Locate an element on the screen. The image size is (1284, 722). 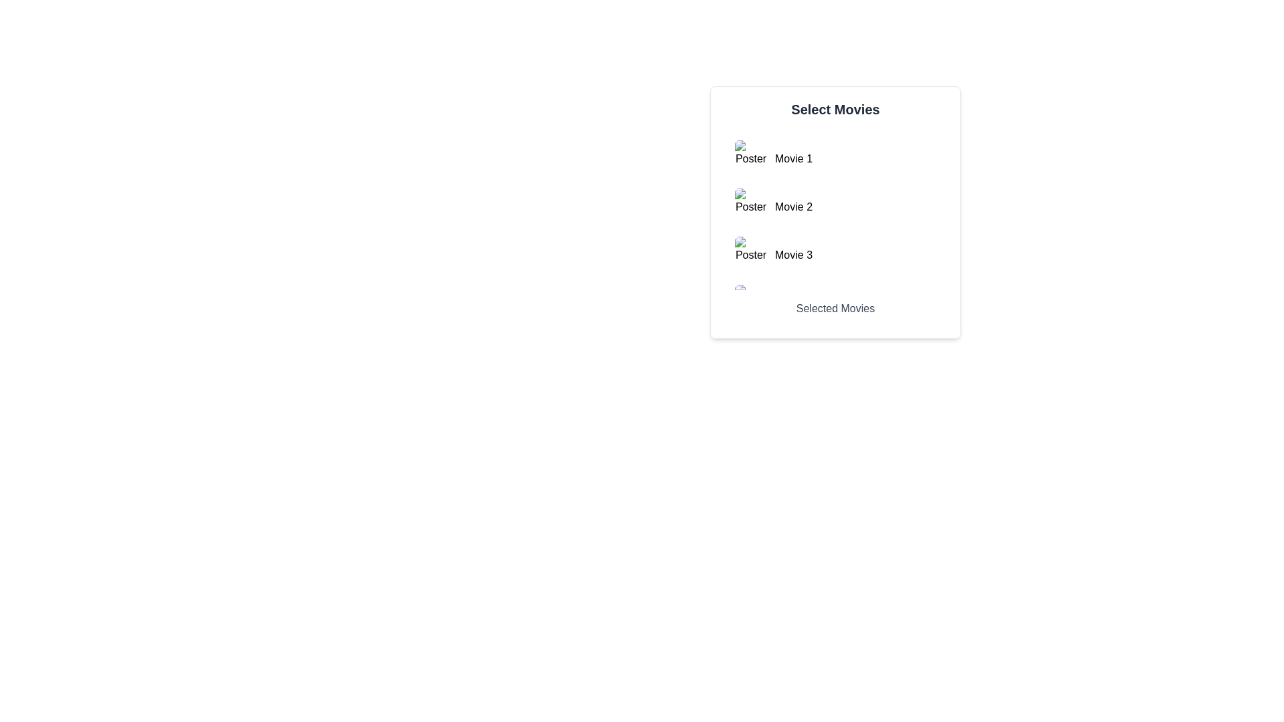
the small image placeholder with a rounded border and a green and blue landscape image icon, which has the text 'Poster' displayed below it, located in the 'Select Movies' block next to the 'Movie 3' label is located at coordinates (751, 255).